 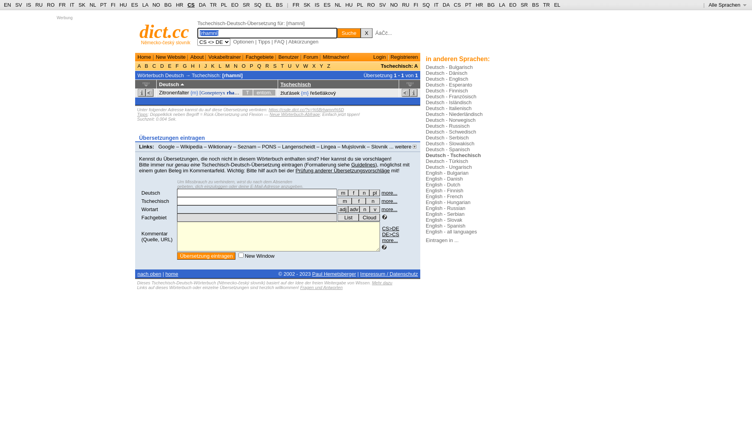 I want to click on 'IT', so click(x=436, y=5).